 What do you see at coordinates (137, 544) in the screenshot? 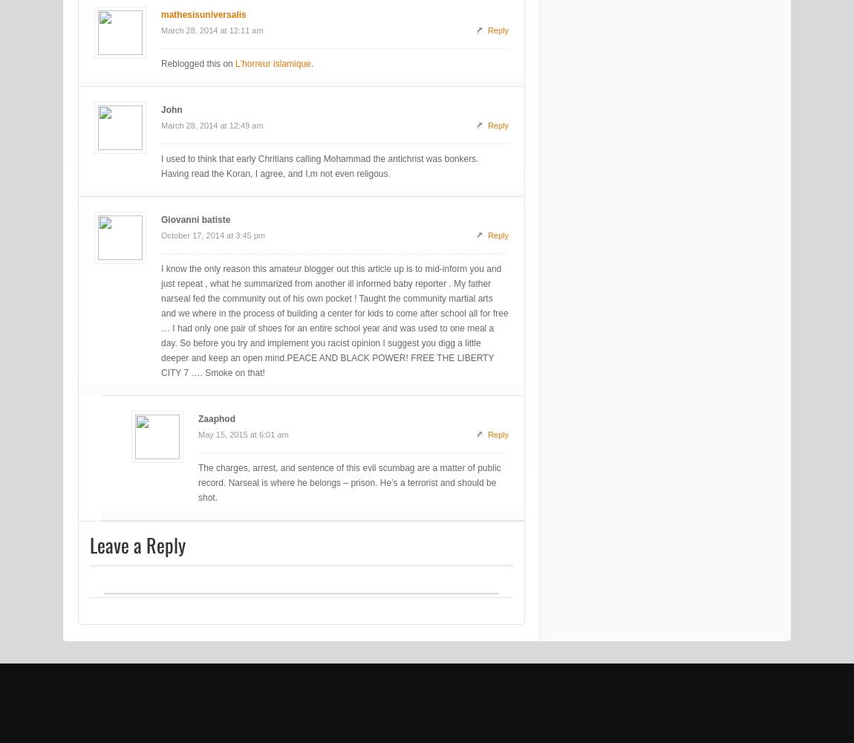
I see `'Leave a Reply'` at bounding box center [137, 544].